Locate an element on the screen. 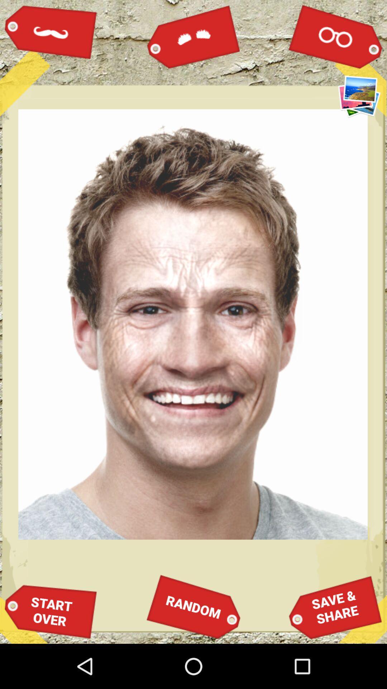 This screenshot has width=387, height=689. random is located at coordinates (193, 606).